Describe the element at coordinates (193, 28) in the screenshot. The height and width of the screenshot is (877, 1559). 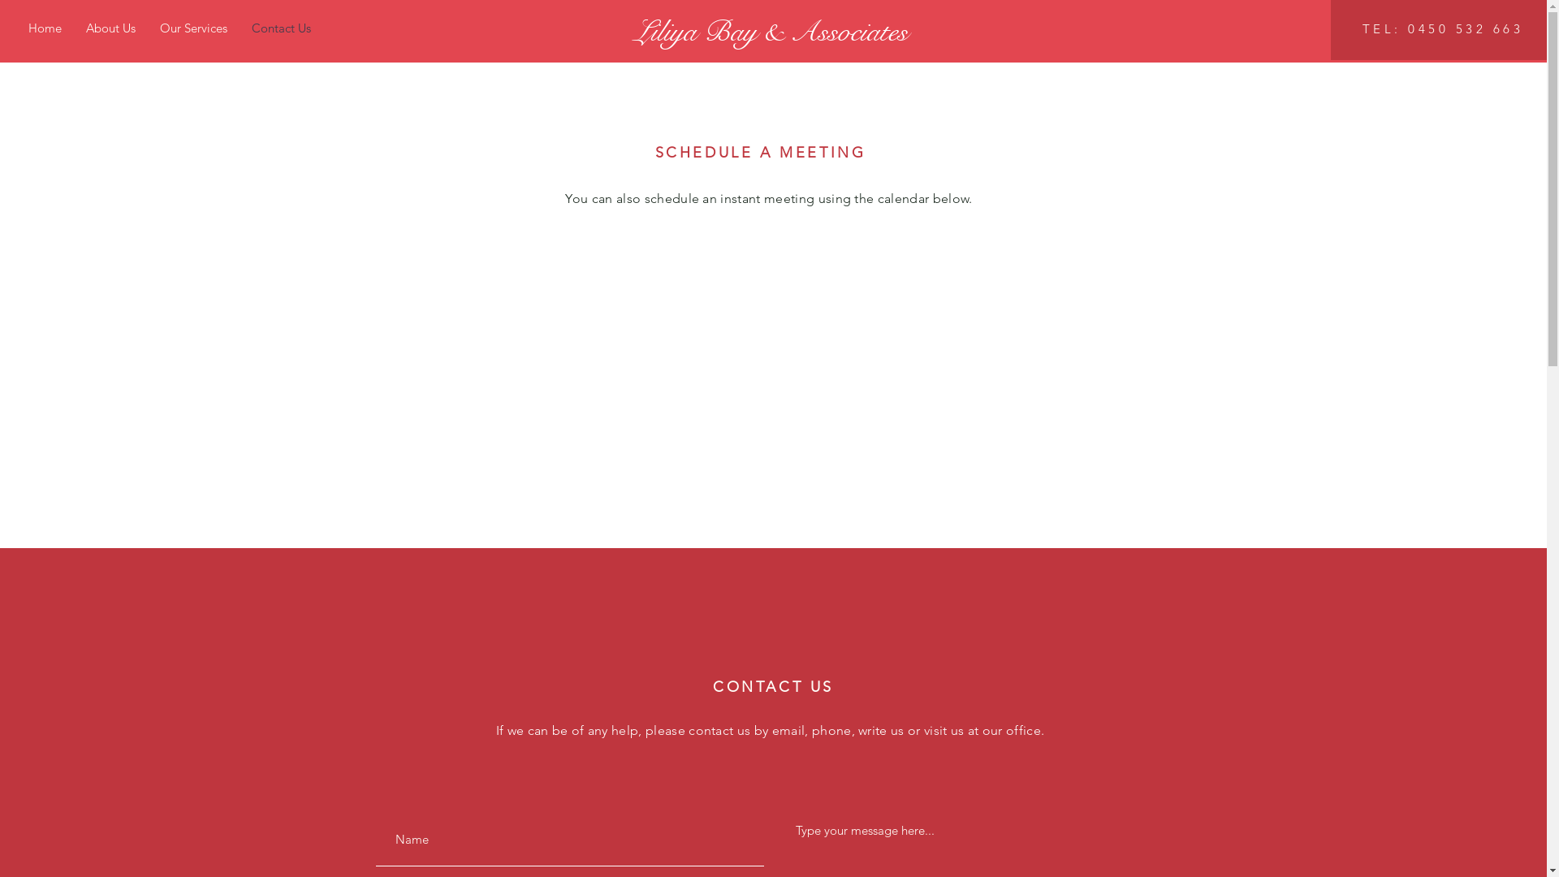
I see `'Our Services'` at that location.